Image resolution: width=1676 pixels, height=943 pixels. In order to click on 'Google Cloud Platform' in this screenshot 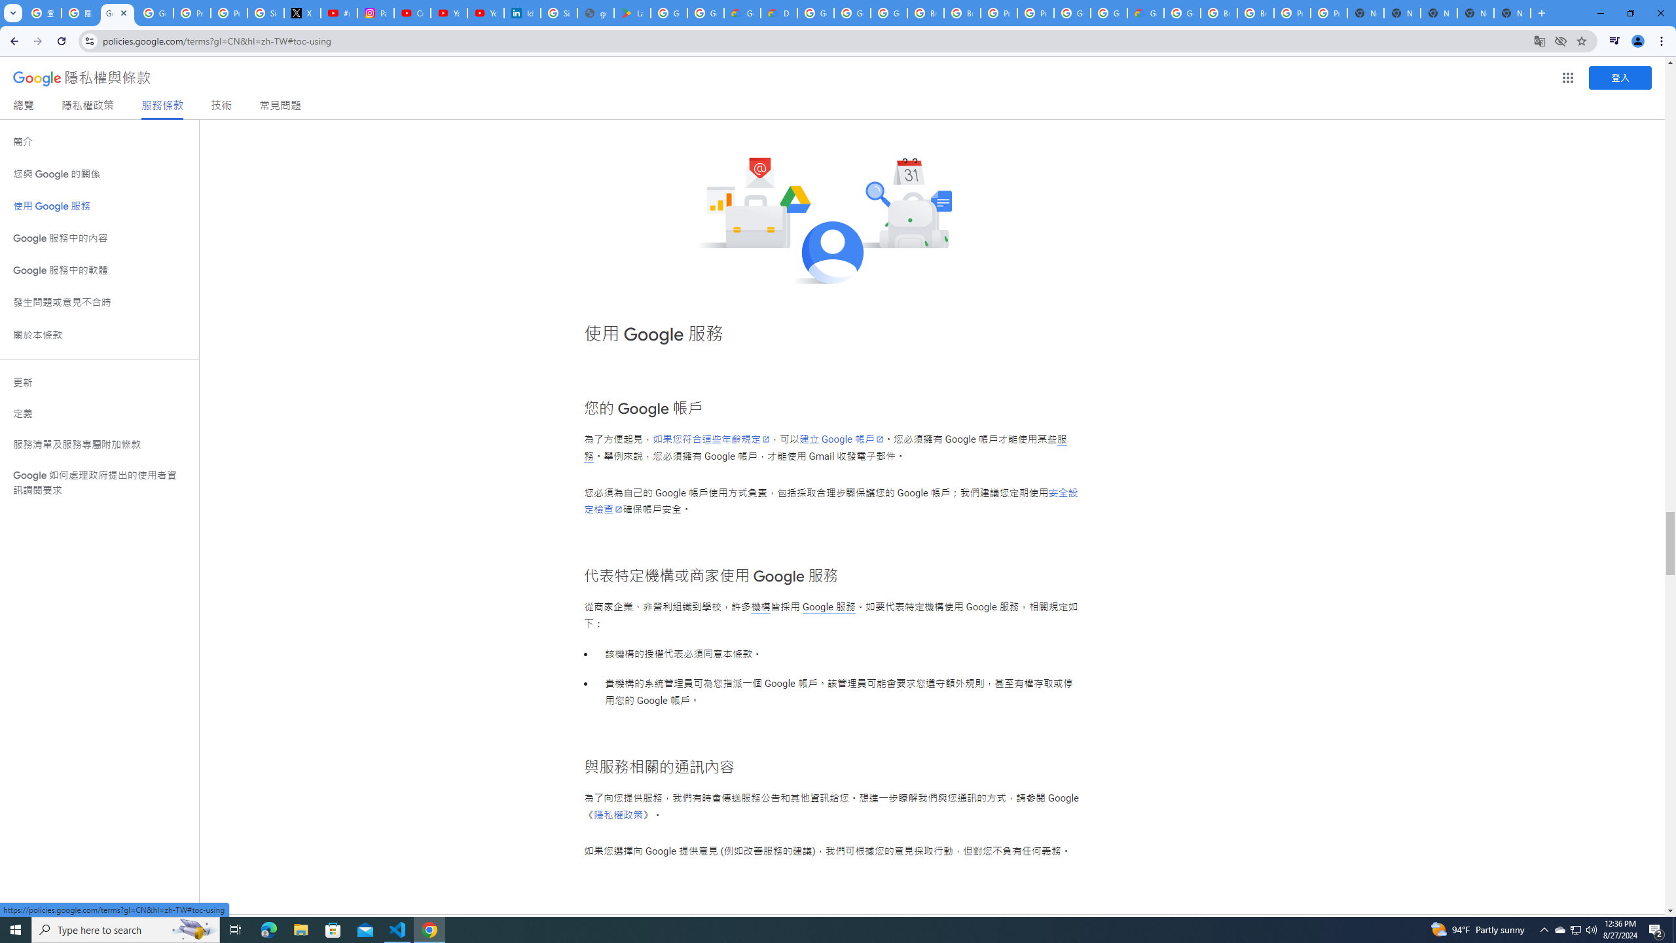, I will do `click(1182, 12)`.